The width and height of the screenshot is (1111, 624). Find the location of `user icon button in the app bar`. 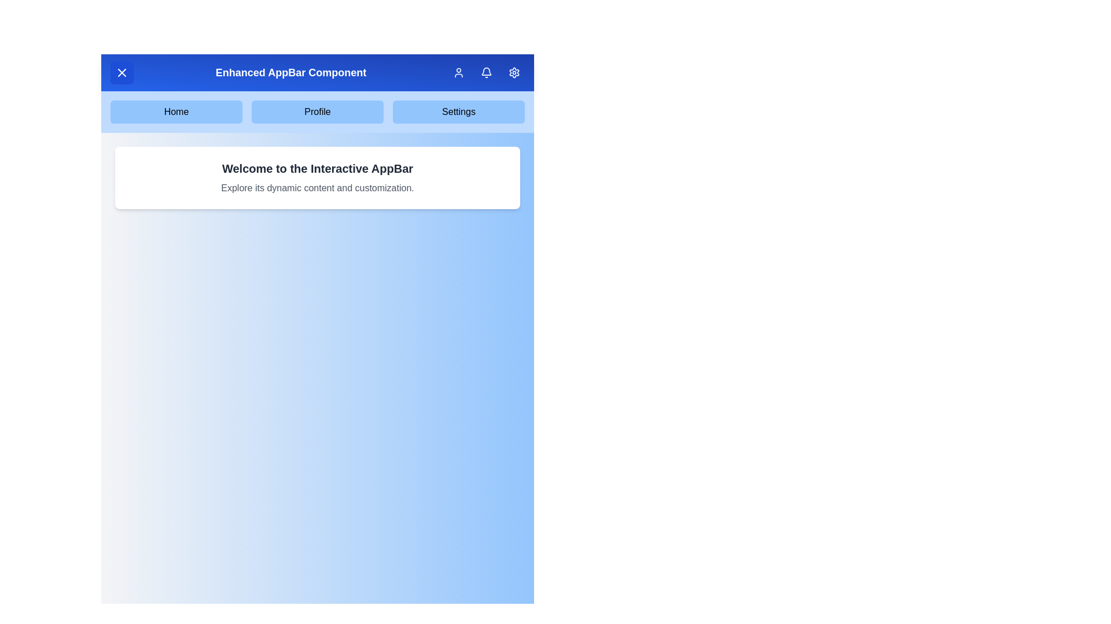

user icon button in the app bar is located at coordinates (458, 73).